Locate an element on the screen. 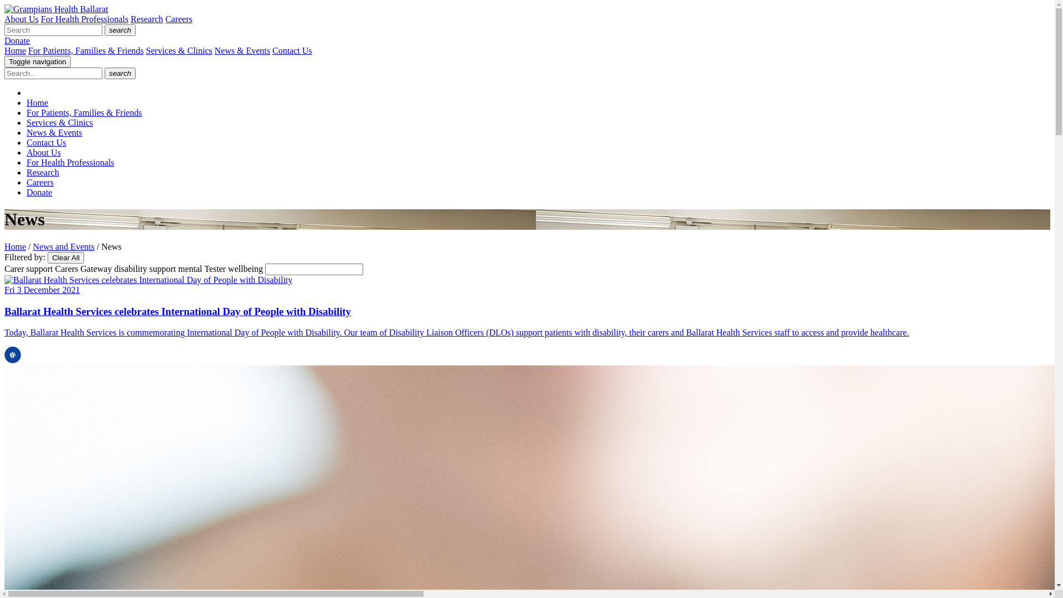 Image resolution: width=1063 pixels, height=598 pixels. 'For Health Professionals' is located at coordinates (69, 162).